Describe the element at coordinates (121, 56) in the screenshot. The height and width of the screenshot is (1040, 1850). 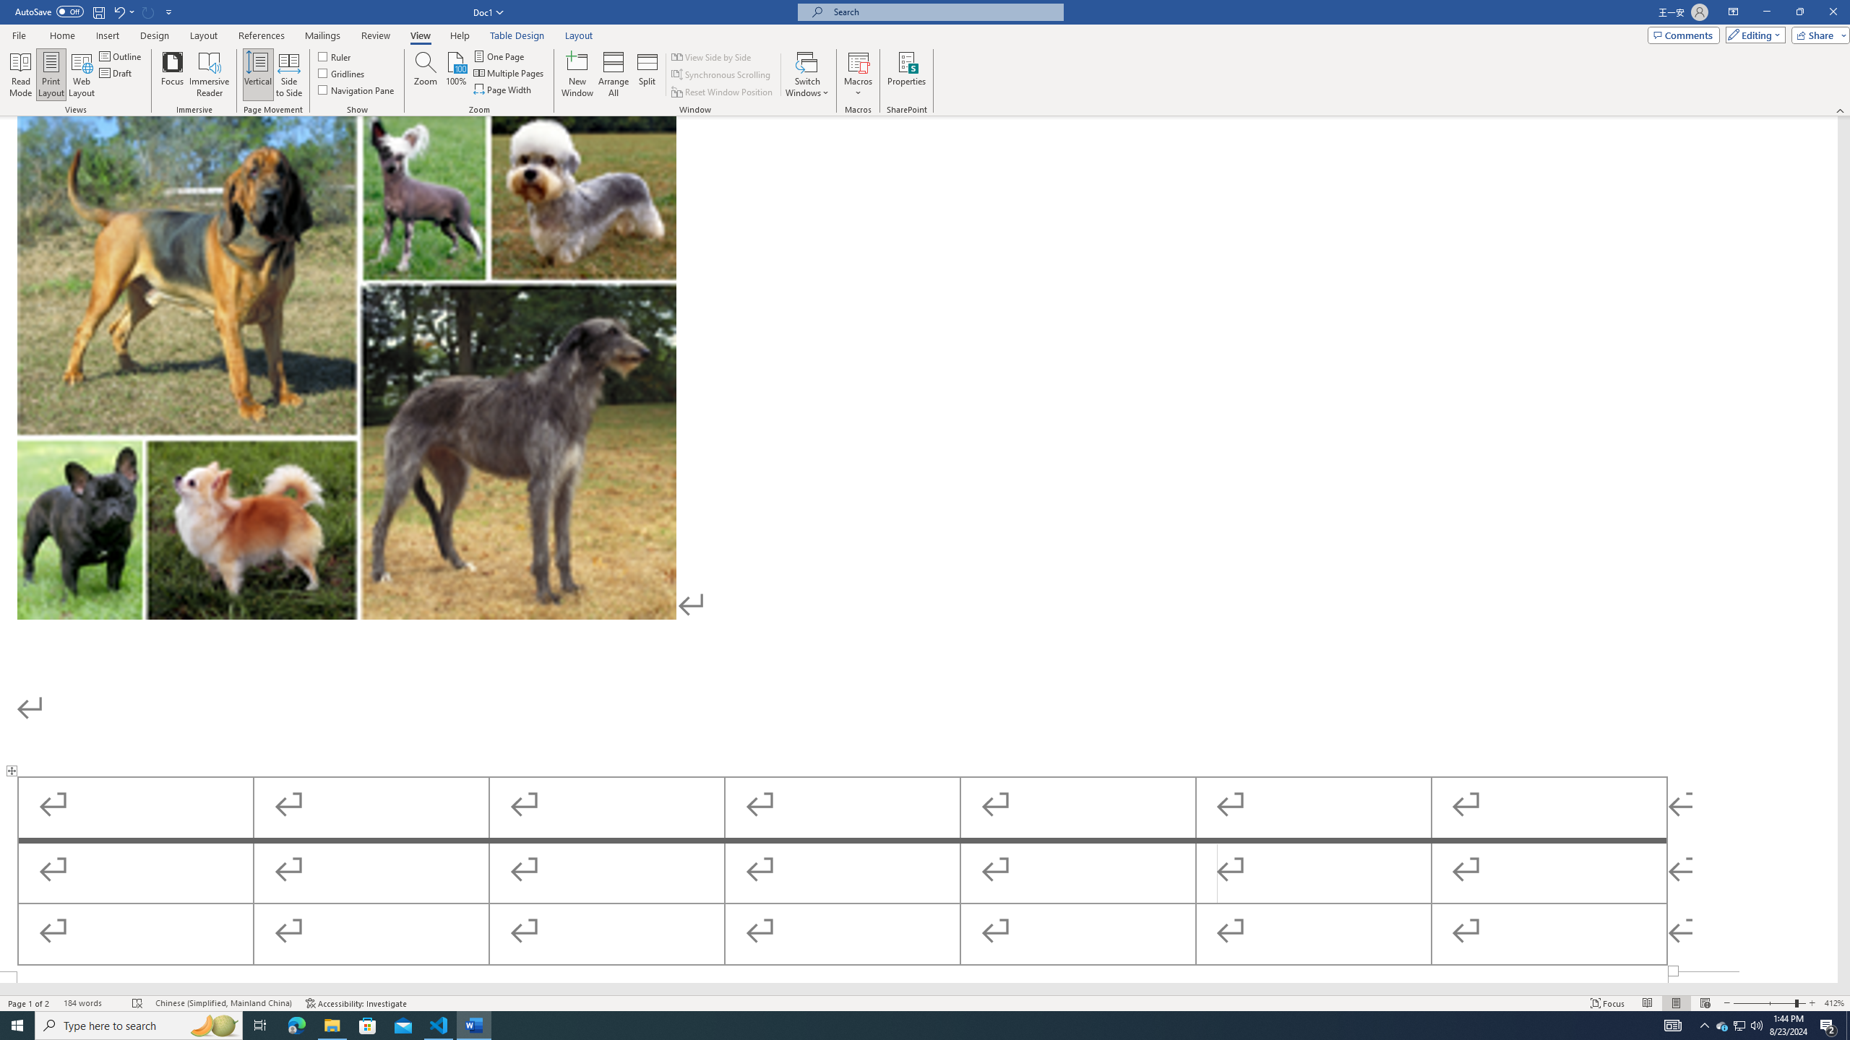
I see `'Outline'` at that location.